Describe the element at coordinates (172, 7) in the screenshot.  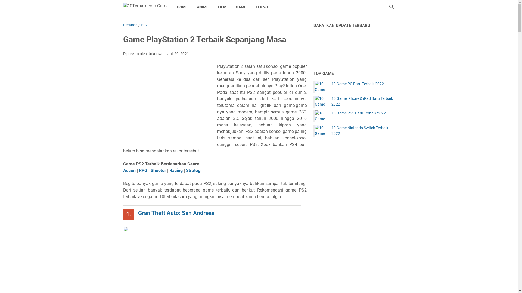
I see `'HOME'` at that location.